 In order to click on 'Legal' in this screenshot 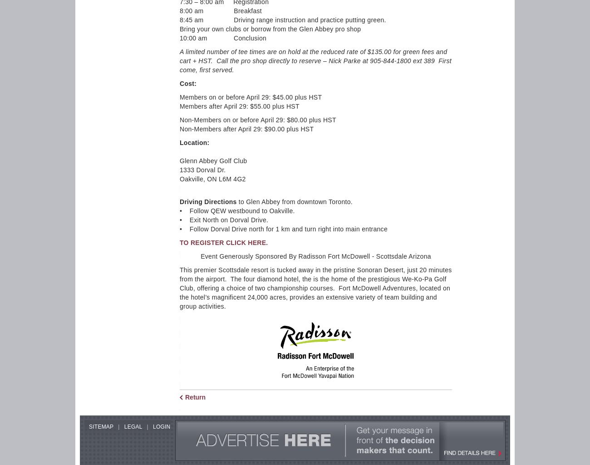, I will do `click(124, 426)`.